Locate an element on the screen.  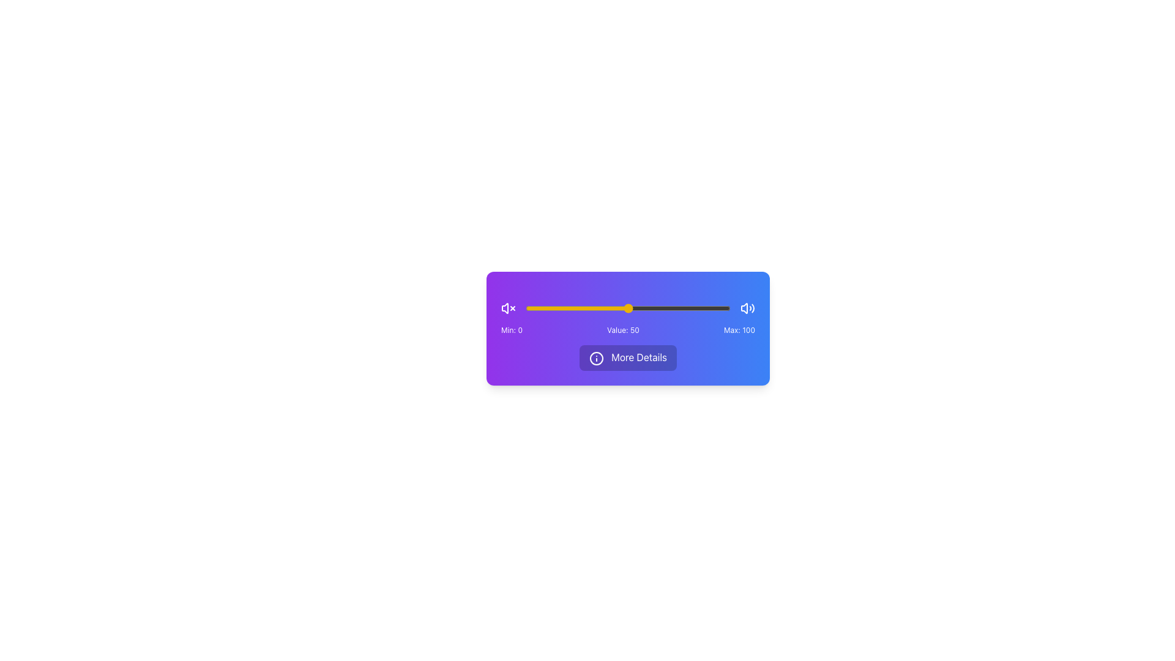
the slider value is located at coordinates (668, 308).